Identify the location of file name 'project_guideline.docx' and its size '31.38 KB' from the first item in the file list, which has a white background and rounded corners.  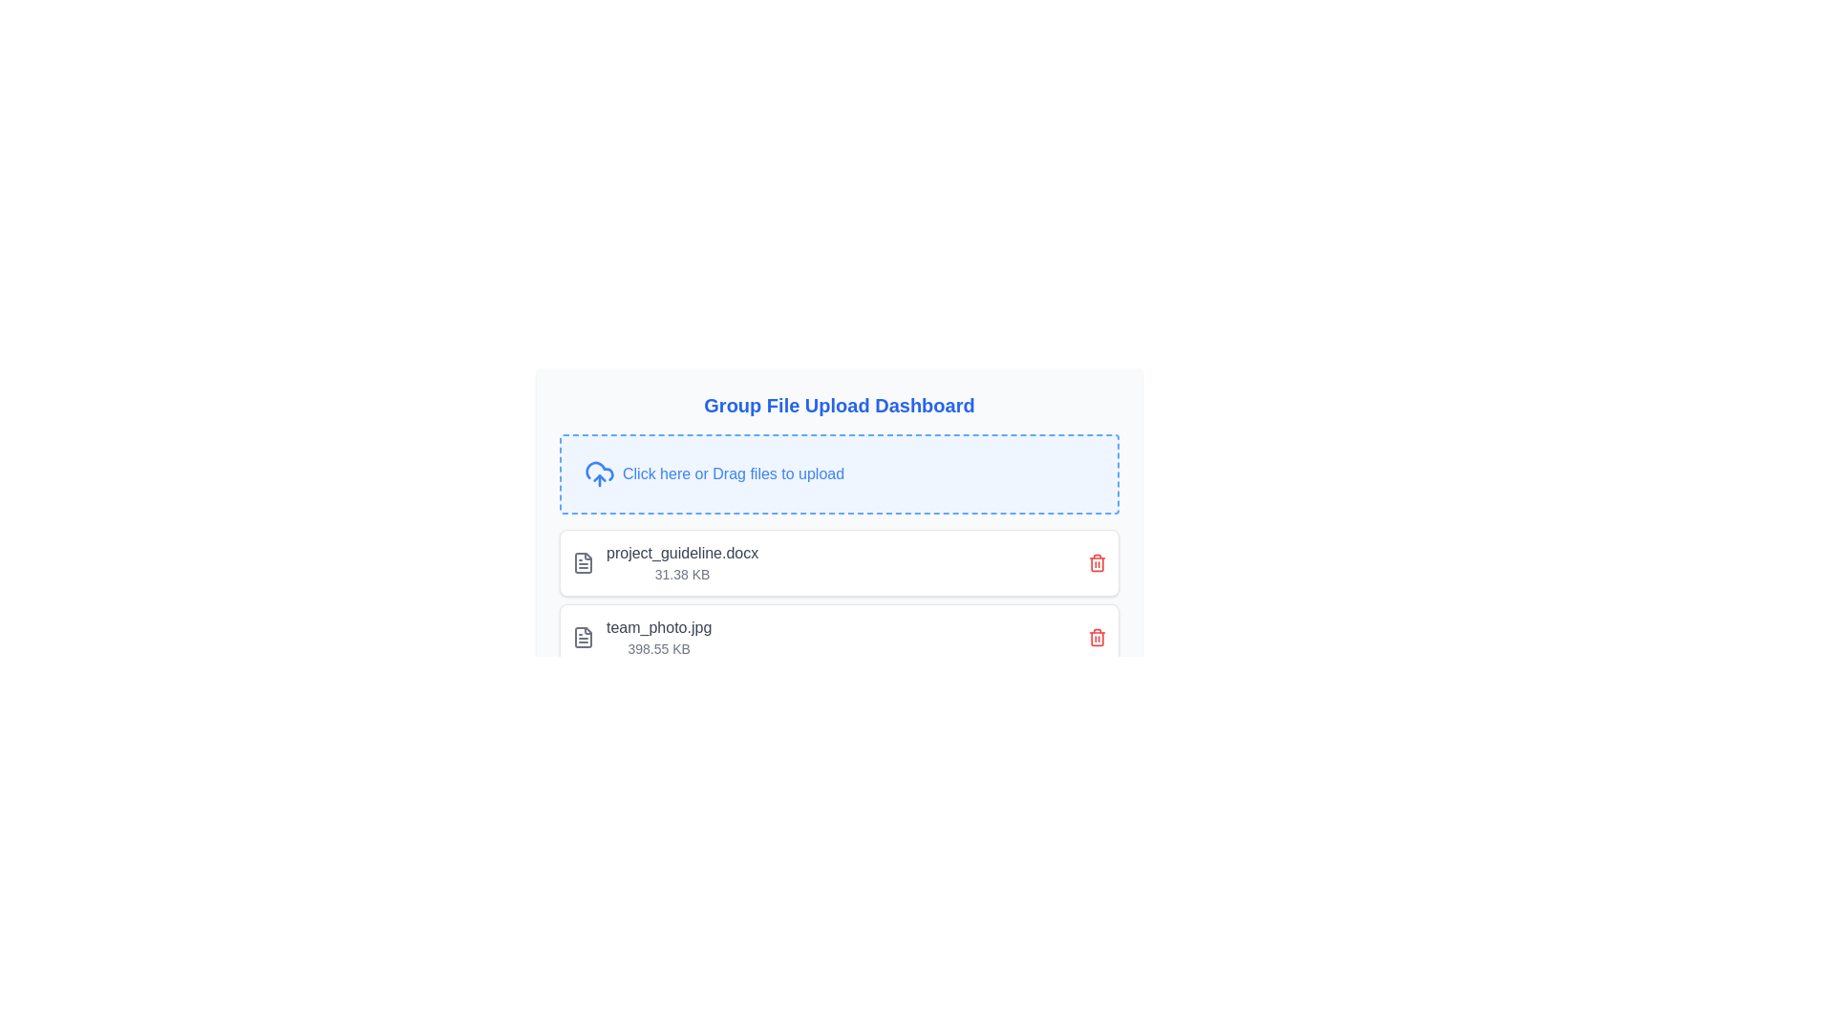
(839, 562).